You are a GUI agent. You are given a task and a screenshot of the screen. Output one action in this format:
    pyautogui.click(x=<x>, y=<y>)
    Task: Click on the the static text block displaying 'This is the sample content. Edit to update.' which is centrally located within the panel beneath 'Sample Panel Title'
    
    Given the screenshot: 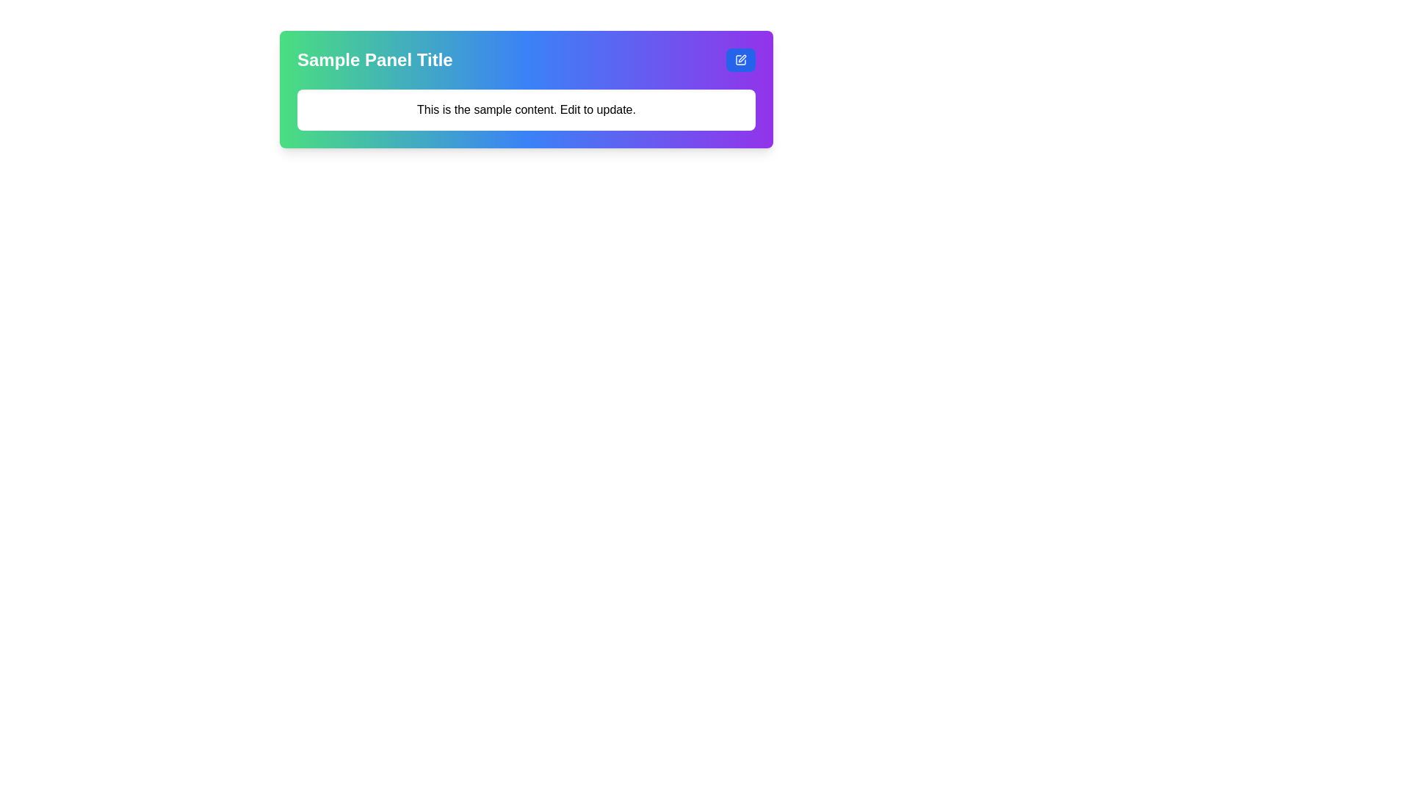 What is the action you would take?
    pyautogui.click(x=526, y=109)
    